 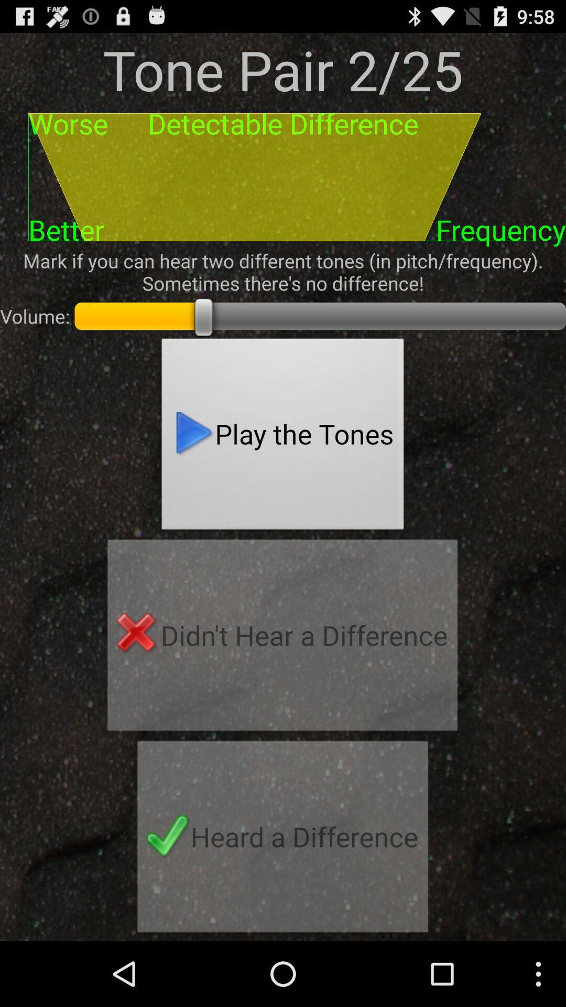 What do you see at coordinates (282, 638) in the screenshot?
I see `the item below the play the tones` at bounding box center [282, 638].